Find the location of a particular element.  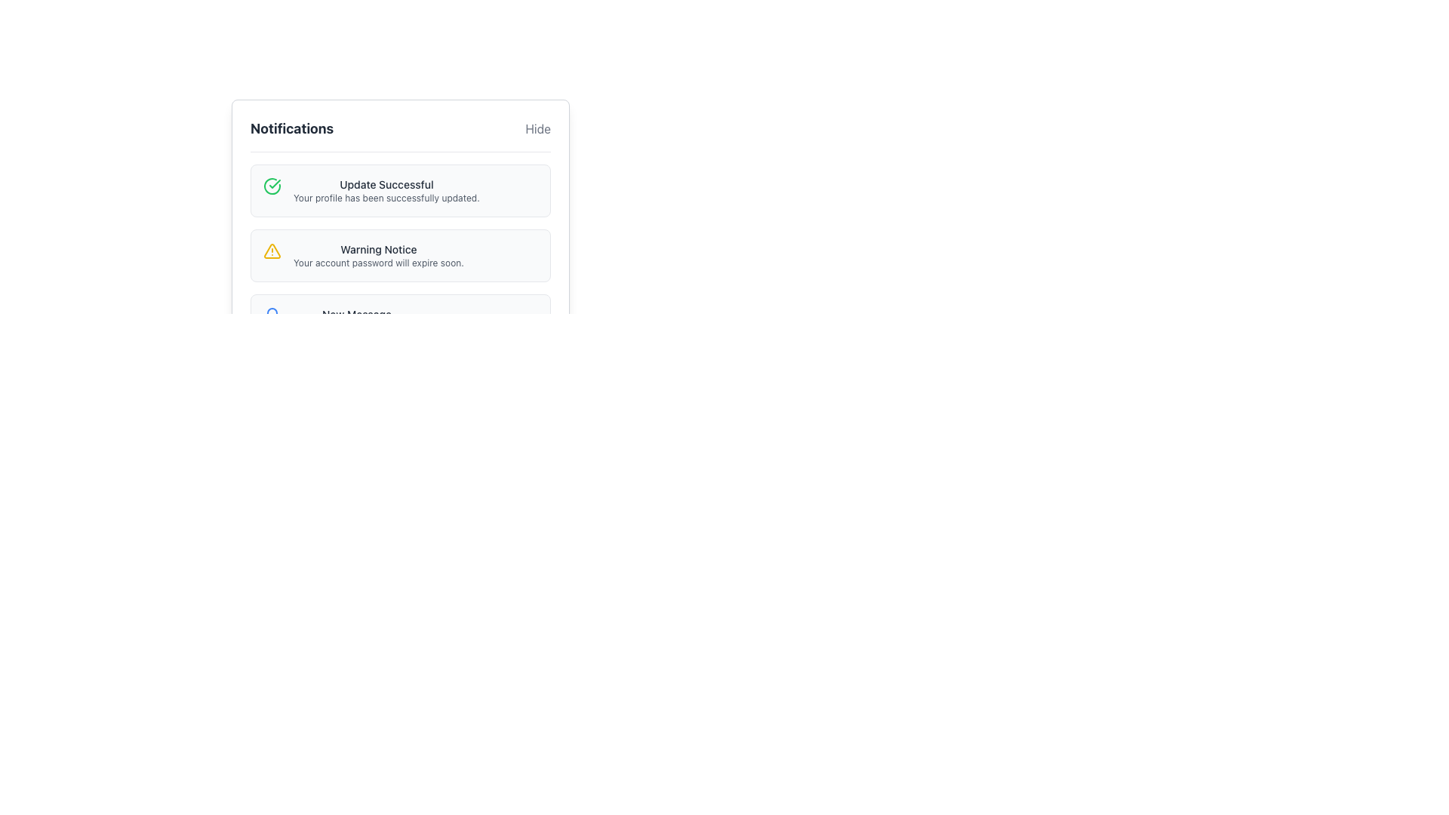

the text label that displays 'New Message', which is styled with a smaller font size and bold weight, located within the notification panel is located at coordinates (356, 313).